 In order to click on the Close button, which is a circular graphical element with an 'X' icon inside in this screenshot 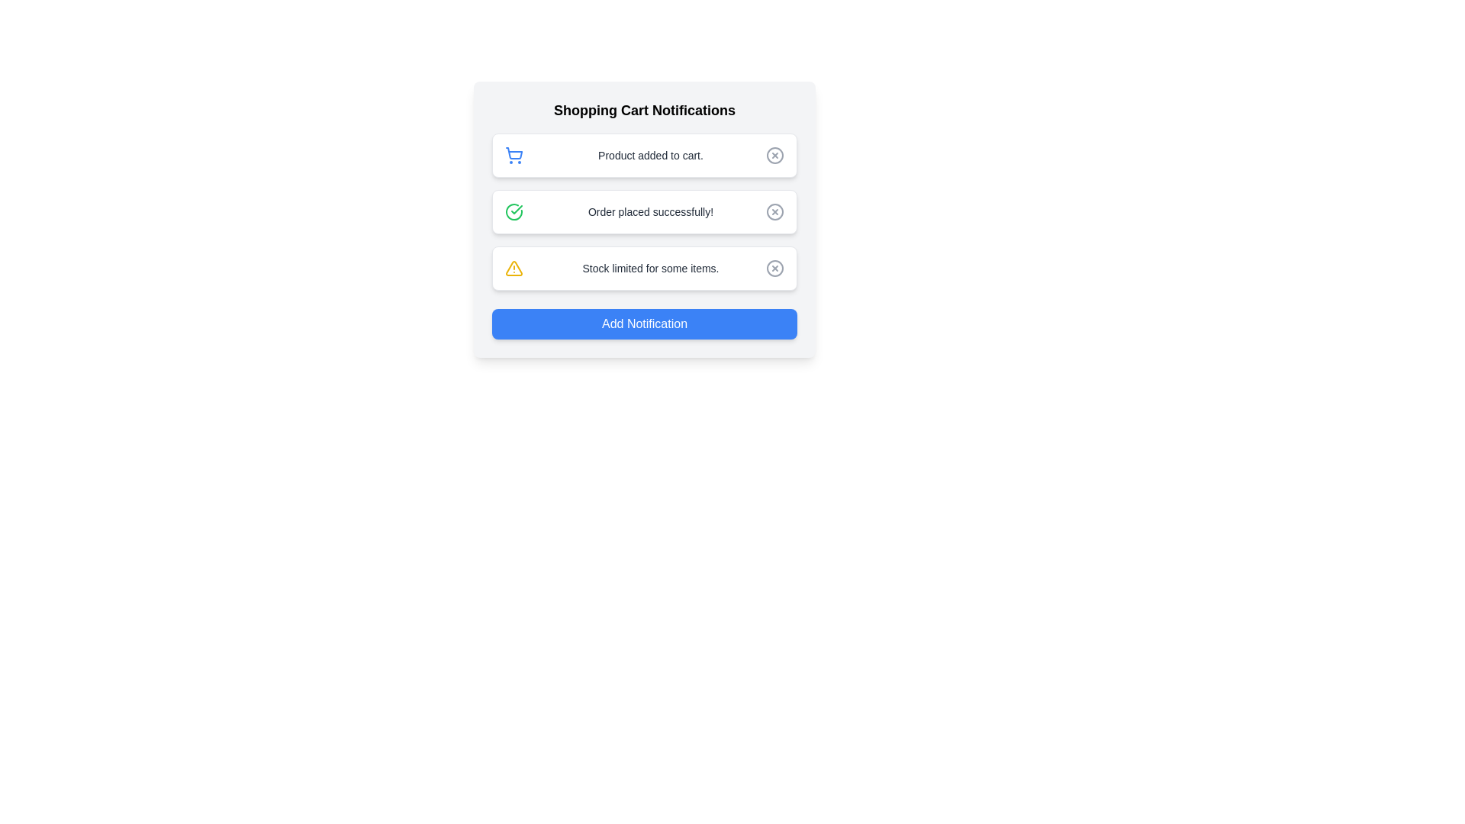, I will do `click(775, 267)`.